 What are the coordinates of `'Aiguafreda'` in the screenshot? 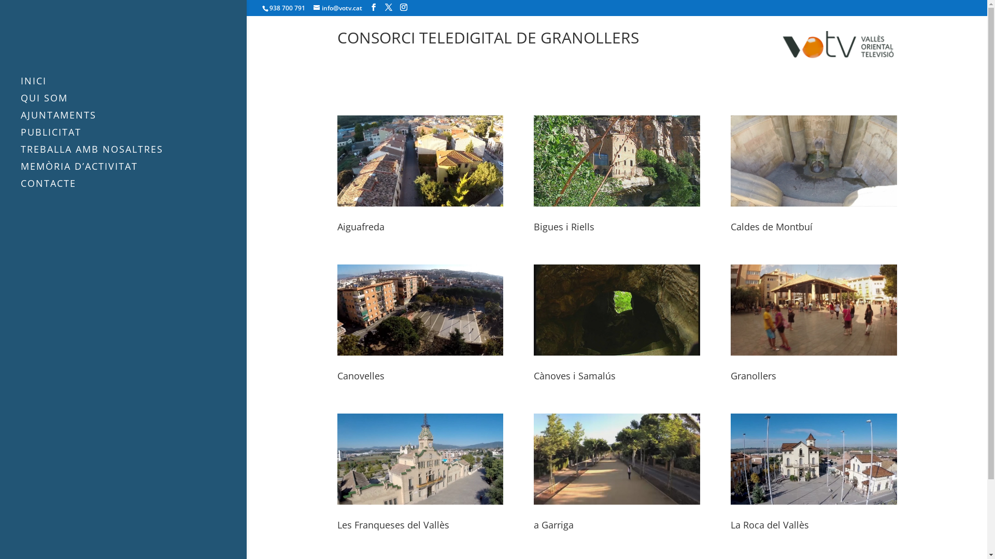 It's located at (361, 226).